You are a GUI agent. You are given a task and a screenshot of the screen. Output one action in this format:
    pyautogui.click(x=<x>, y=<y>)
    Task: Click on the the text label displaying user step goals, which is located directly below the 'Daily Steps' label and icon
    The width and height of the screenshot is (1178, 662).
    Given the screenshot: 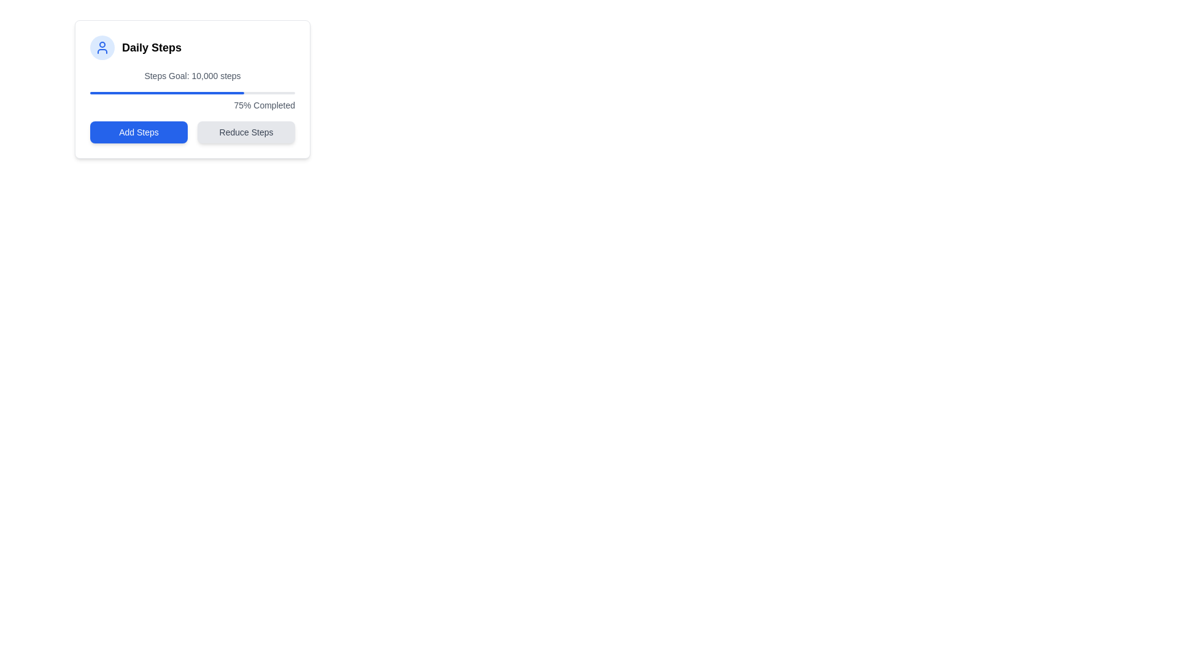 What is the action you would take?
    pyautogui.click(x=191, y=75)
    